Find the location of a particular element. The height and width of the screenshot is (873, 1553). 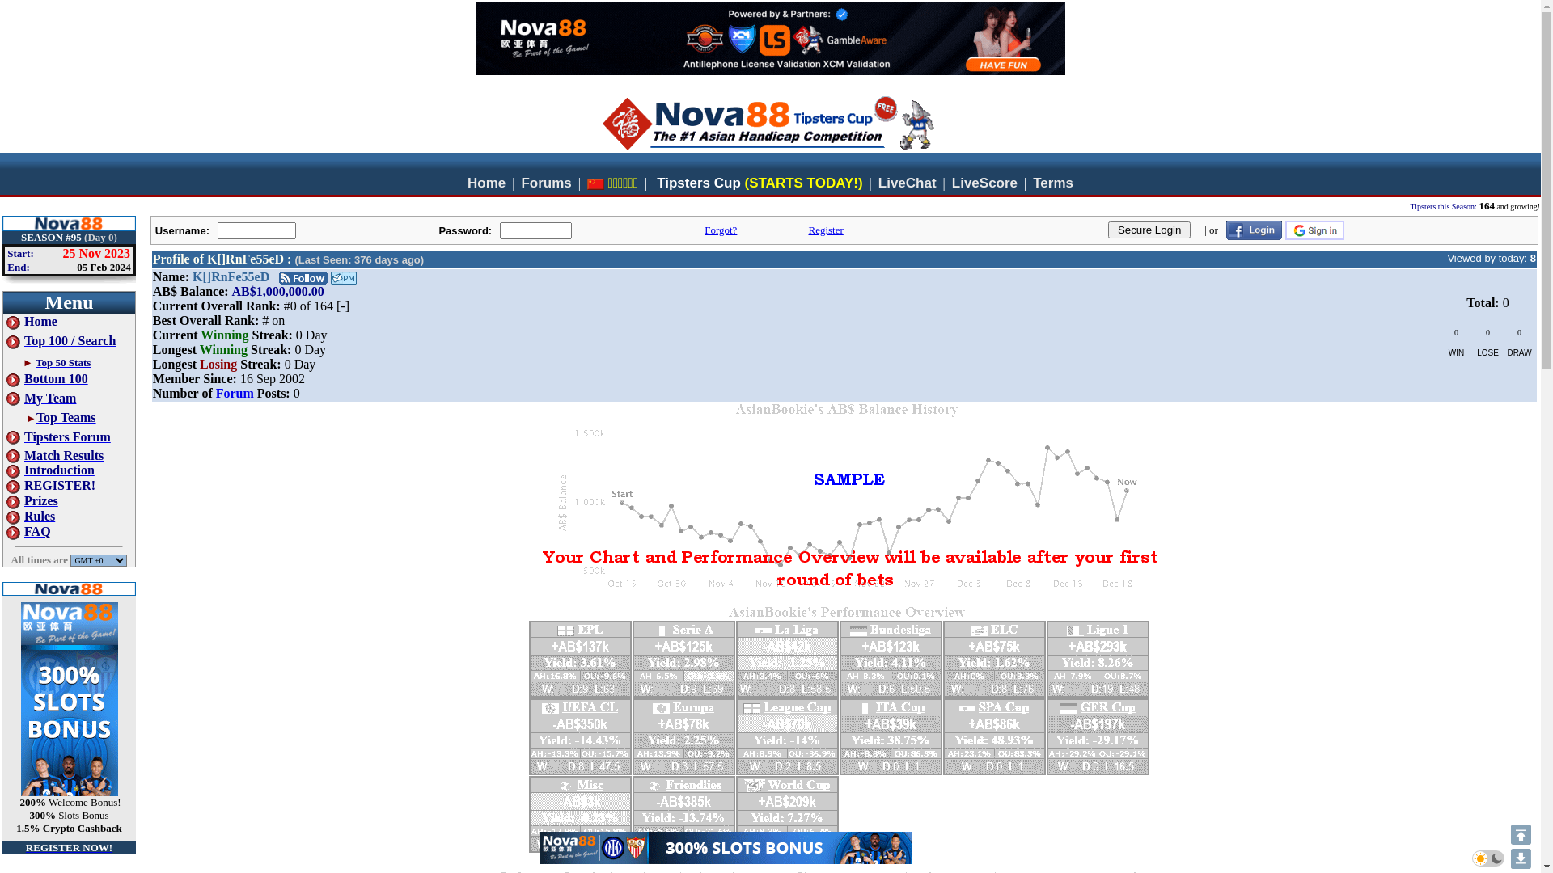

'Terms' is located at coordinates (1052, 182).